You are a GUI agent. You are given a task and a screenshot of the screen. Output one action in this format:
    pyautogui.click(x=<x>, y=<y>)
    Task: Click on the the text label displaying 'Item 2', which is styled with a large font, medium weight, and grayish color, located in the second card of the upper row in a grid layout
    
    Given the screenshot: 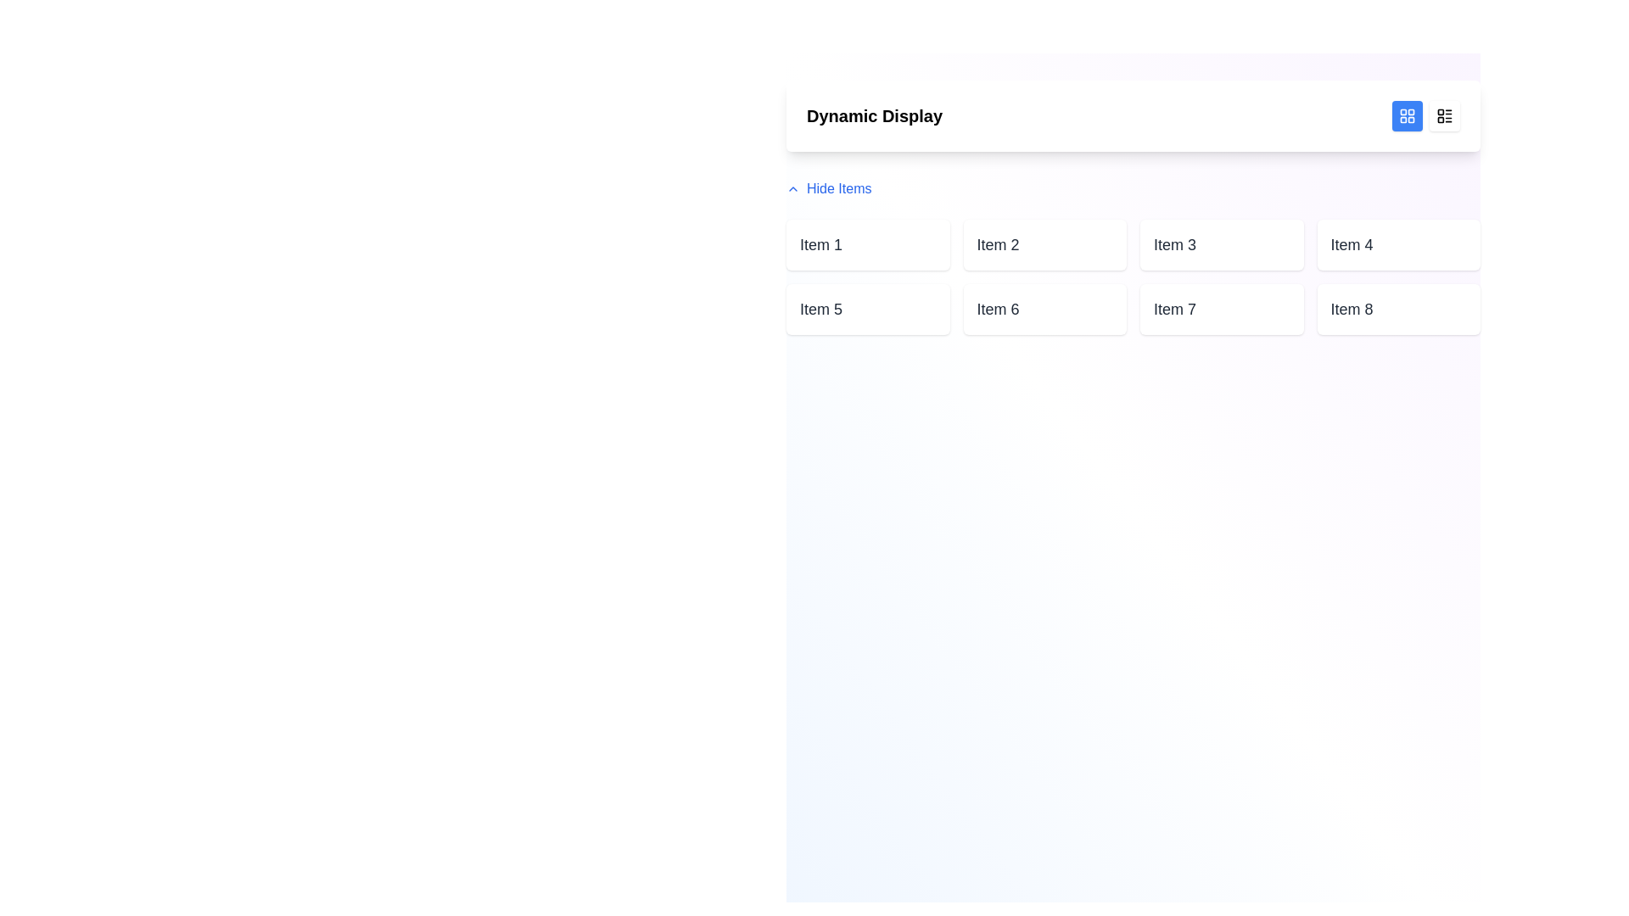 What is the action you would take?
    pyautogui.click(x=998, y=245)
    